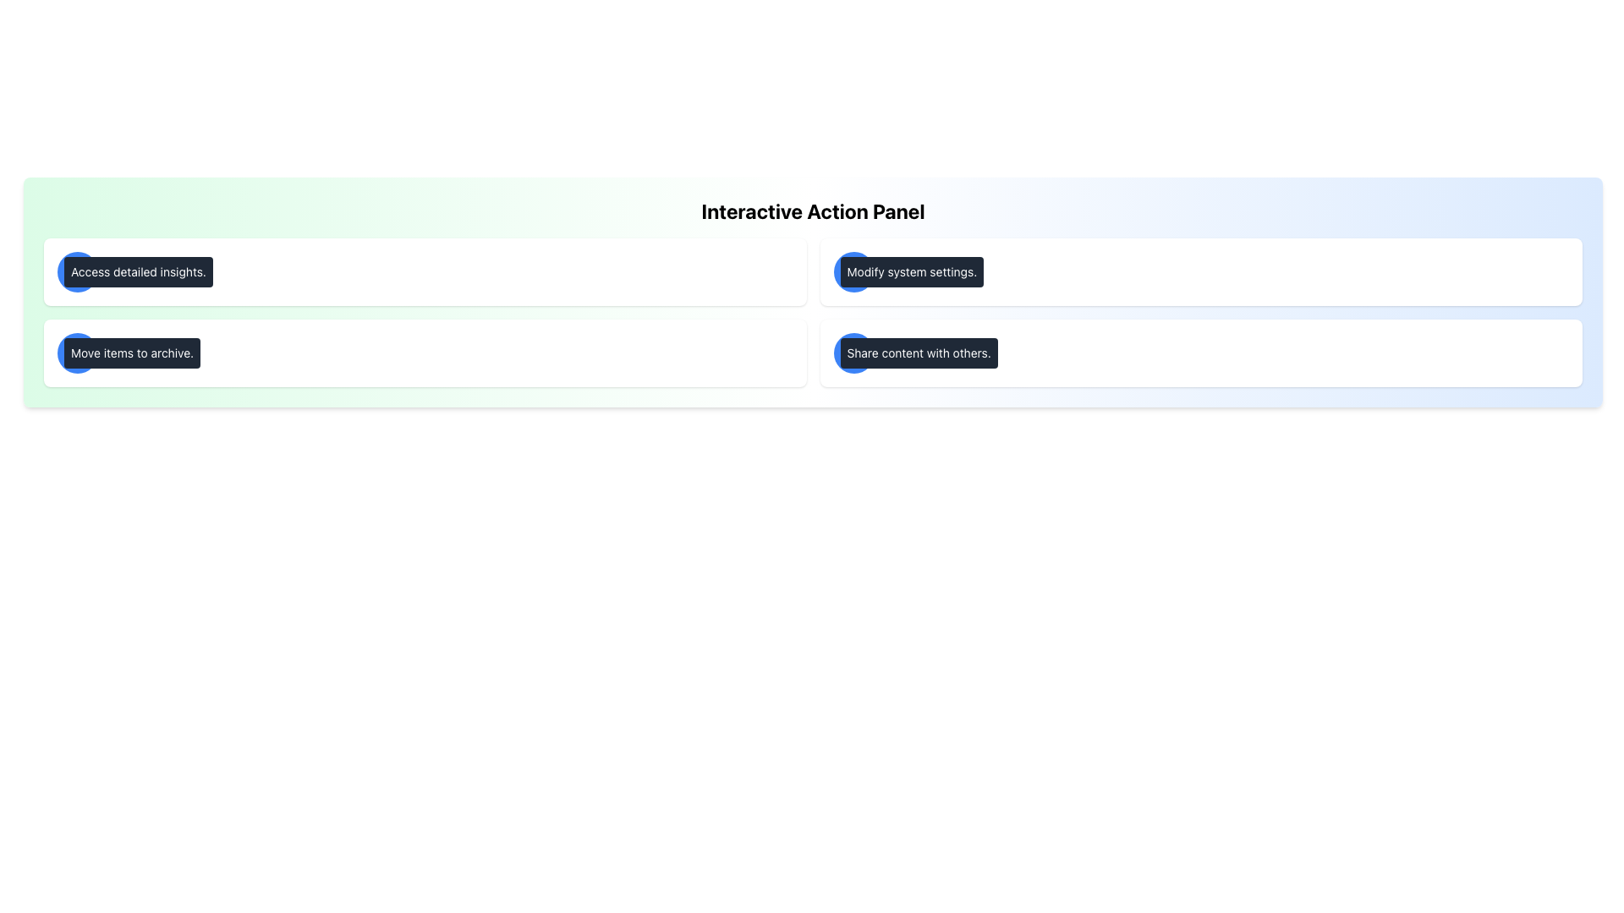 The image size is (1624, 913). Describe the element at coordinates (908, 352) in the screenshot. I see `the 'Share' text label located in the bottom-right section of the grid layout, which indicates sharing actions` at that location.